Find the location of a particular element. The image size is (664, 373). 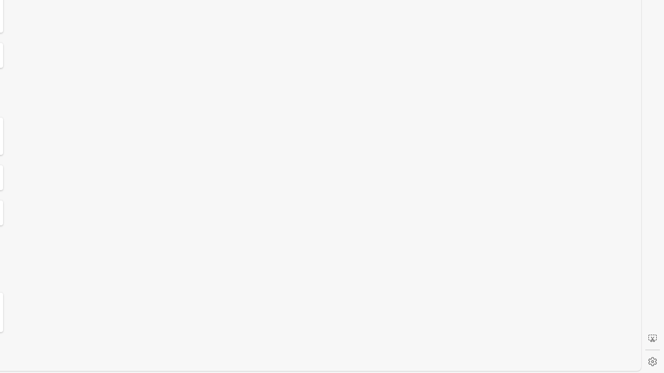

'Settings' is located at coordinates (652, 361).